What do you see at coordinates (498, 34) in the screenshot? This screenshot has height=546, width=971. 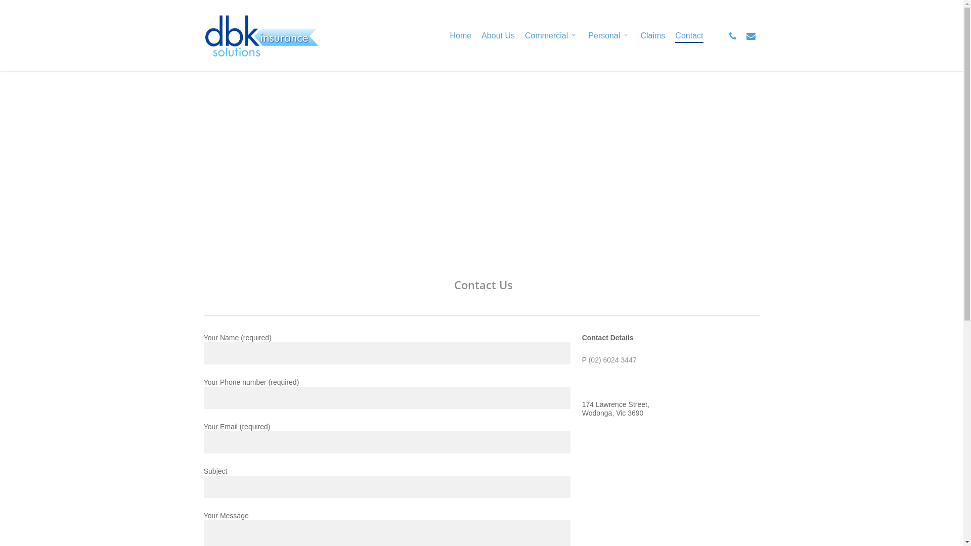 I see `'About Us'` at bounding box center [498, 34].